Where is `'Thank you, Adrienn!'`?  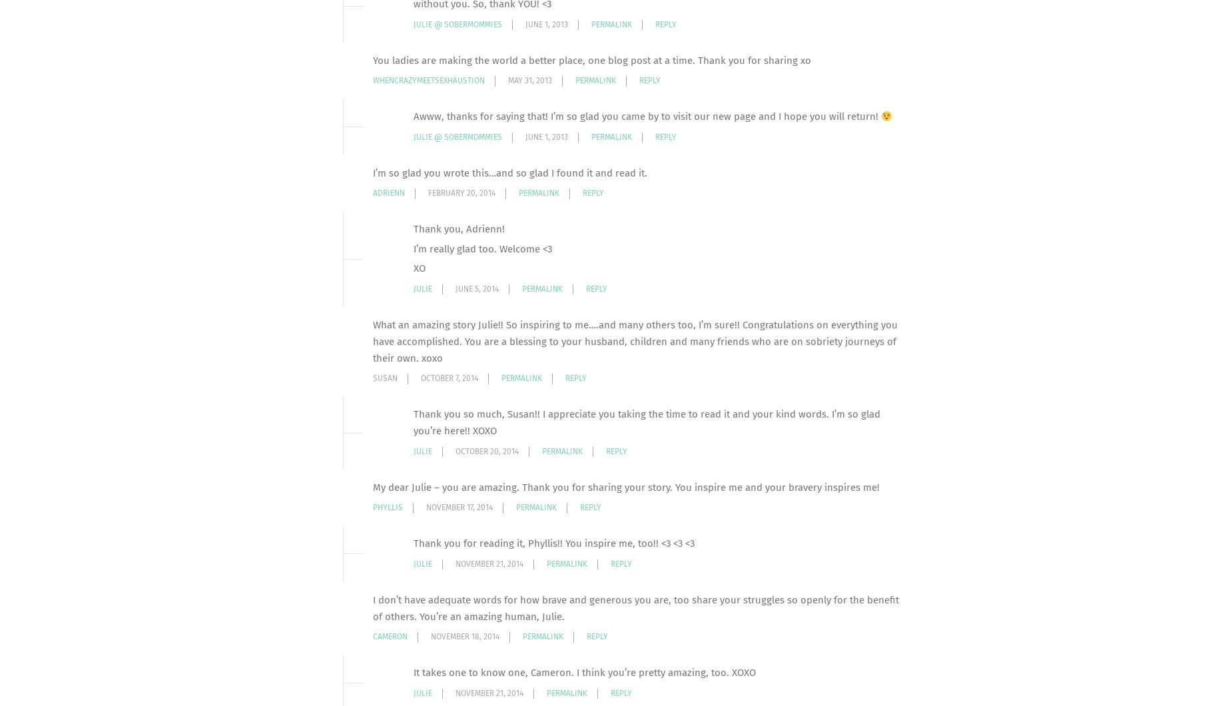
'Thank you, Adrienn!' is located at coordinates (459, 228).